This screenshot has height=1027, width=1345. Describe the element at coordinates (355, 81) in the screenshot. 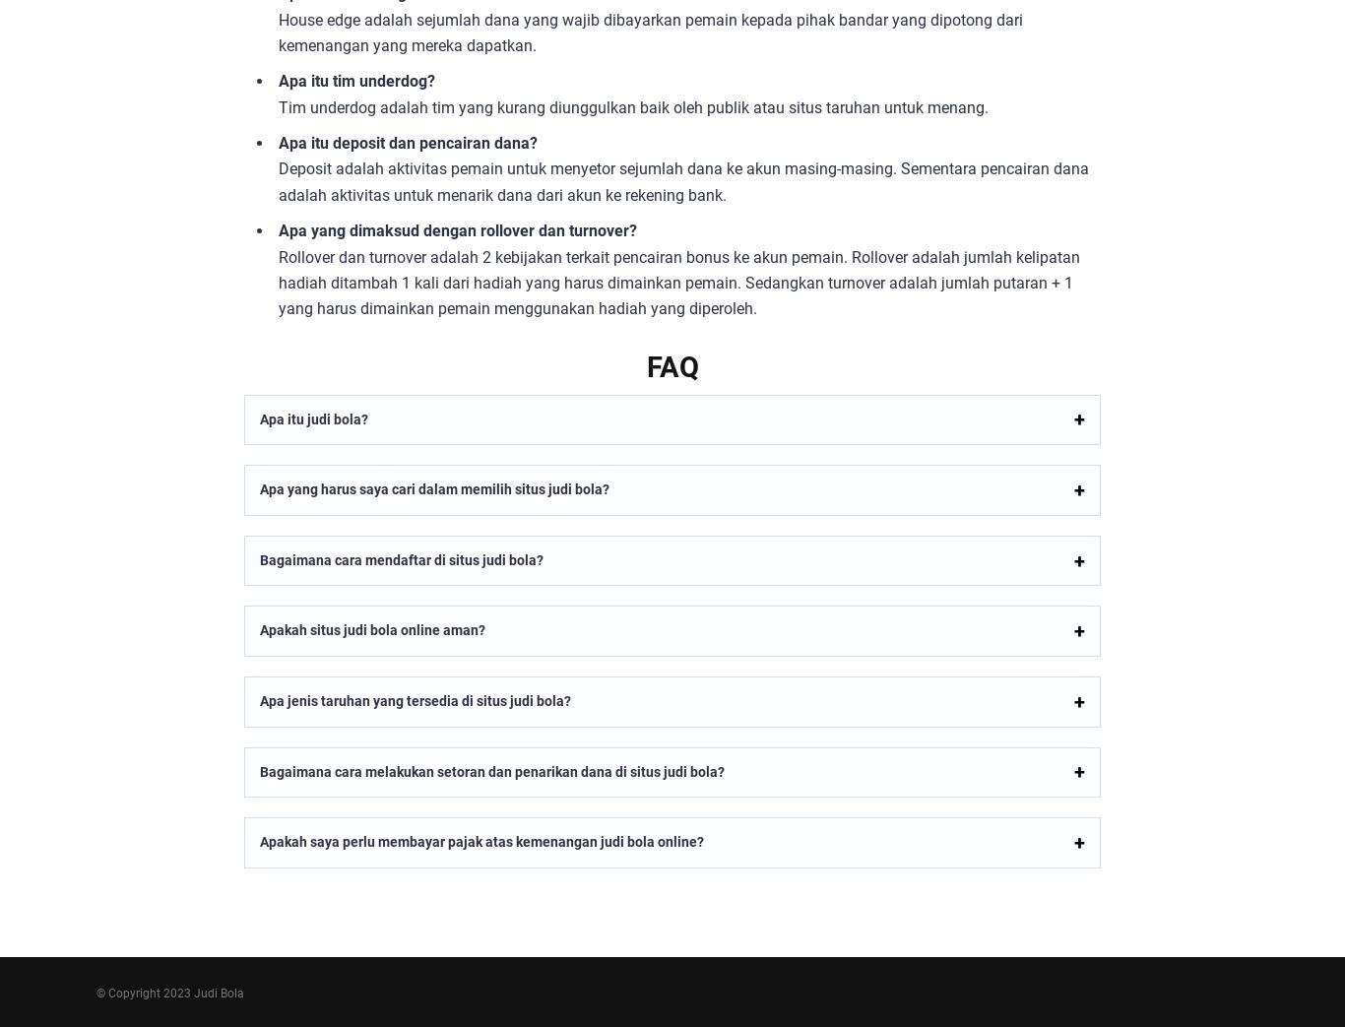

I see `'Apa itu tim underdog?'` at that location.